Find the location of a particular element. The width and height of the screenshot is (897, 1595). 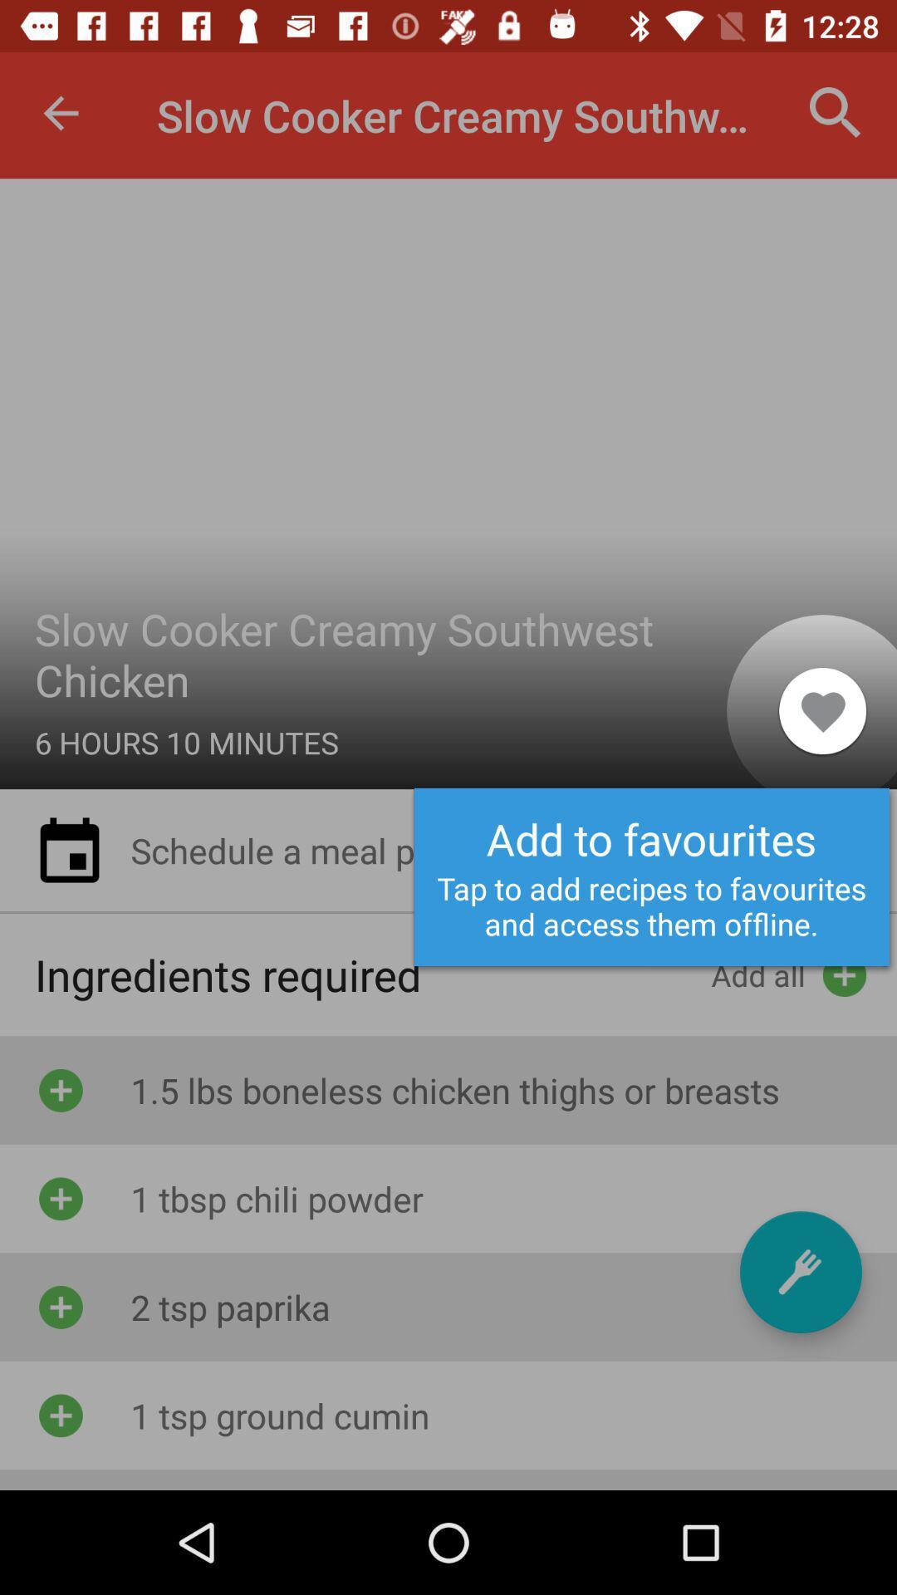

the icon above the 1 tsp ground item is located at coordinates (800, 1271).